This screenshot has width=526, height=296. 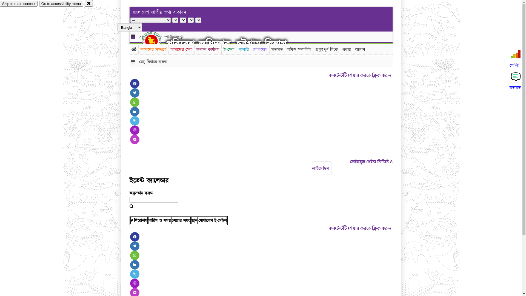 I want to click on 'Go to accessibility menu', so click(x=61, y=4).